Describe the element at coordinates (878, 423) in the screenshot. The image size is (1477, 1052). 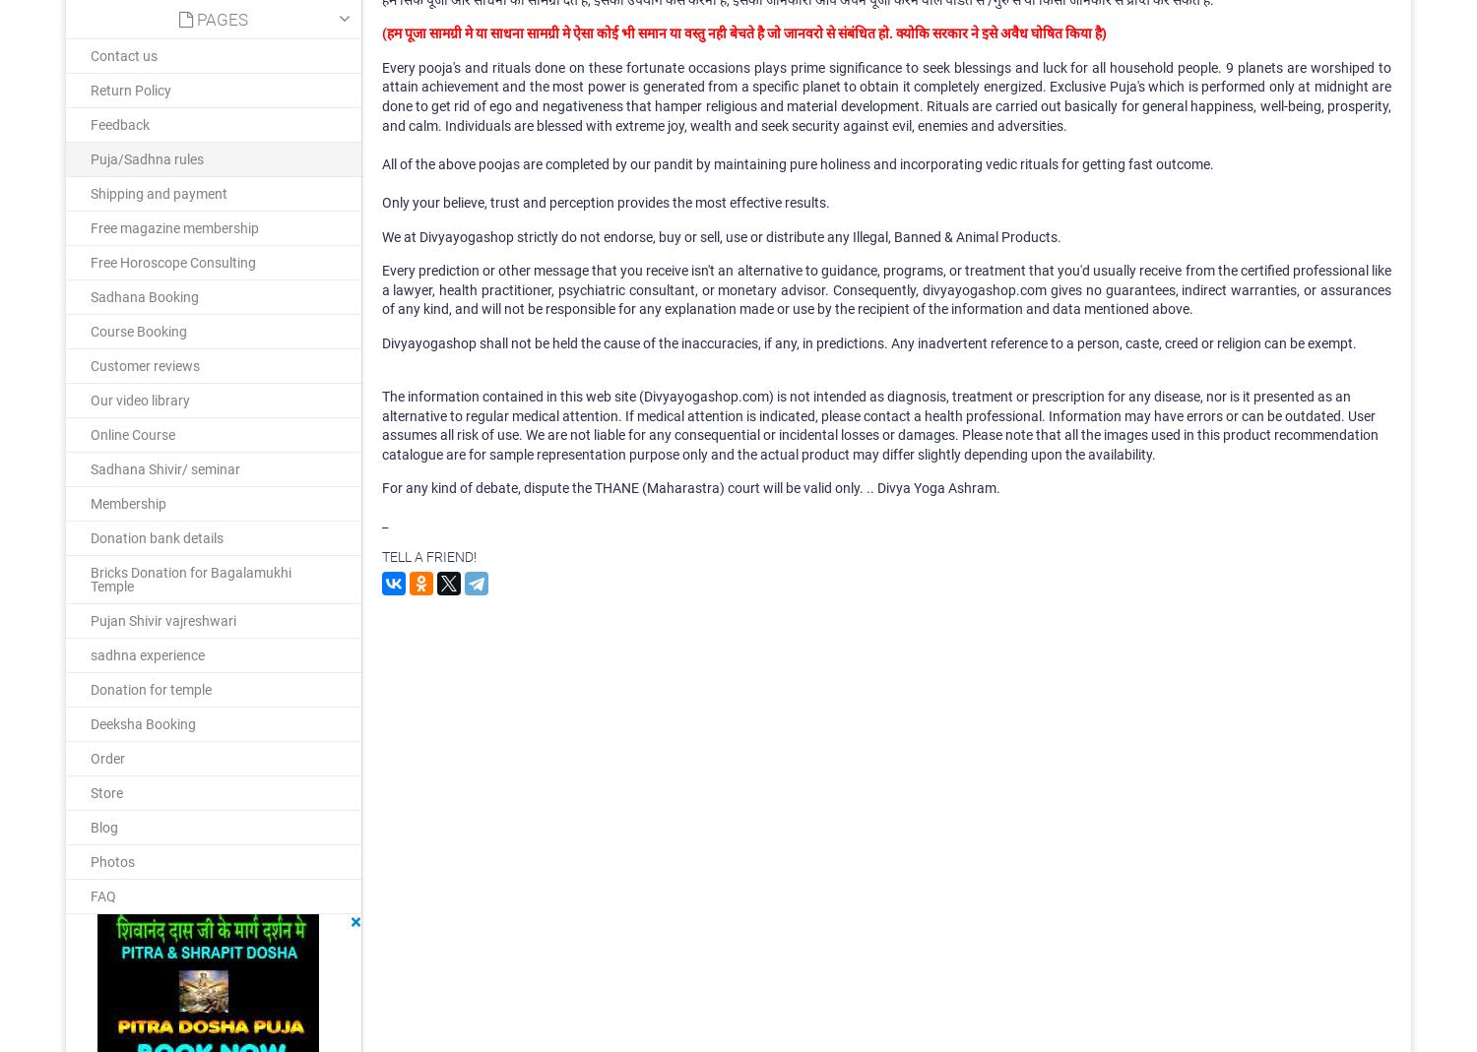
I see `'The information contained in this web site (Divyayogashop.com) is not intended as diagnosis,  treatment or prescription for any disease, nor is it presented as an  alternative to regular medical attention. If medical attention is  indicated, please contact a health professional. Information may have  errors or can be outdated. User assumes all risk of use. We are not  liable for any consequential or incidental losses or damages. Please  note that all the images used in this product recommendation catalogue  are for sample representation purpose only and the actual product may  differ slightly depending upon the availability.'` at that location.